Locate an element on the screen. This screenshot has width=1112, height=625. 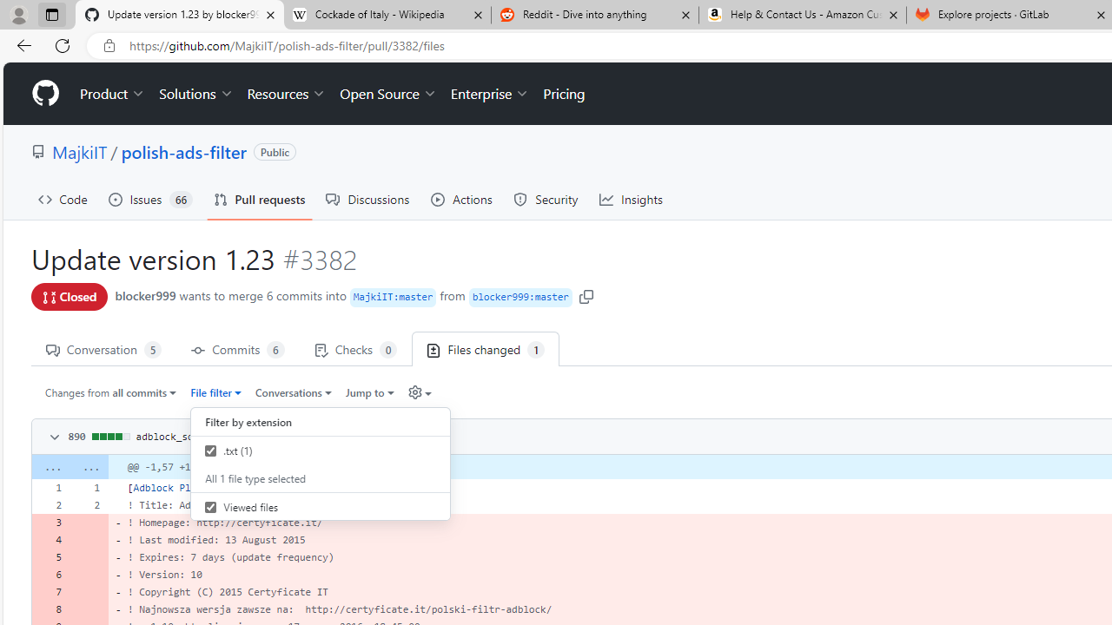
'Security' is located at coordinates (545, 199).